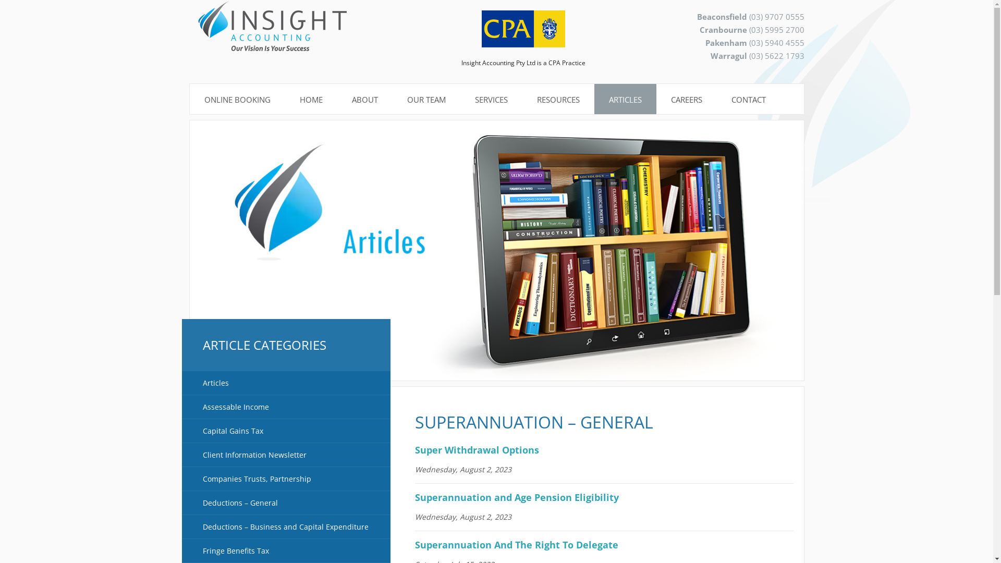 The height and width of the screenshot is (563, 1001). Describe the element at coordinates (310, 100) in the screenshot. I see `'HOME'` at that location.